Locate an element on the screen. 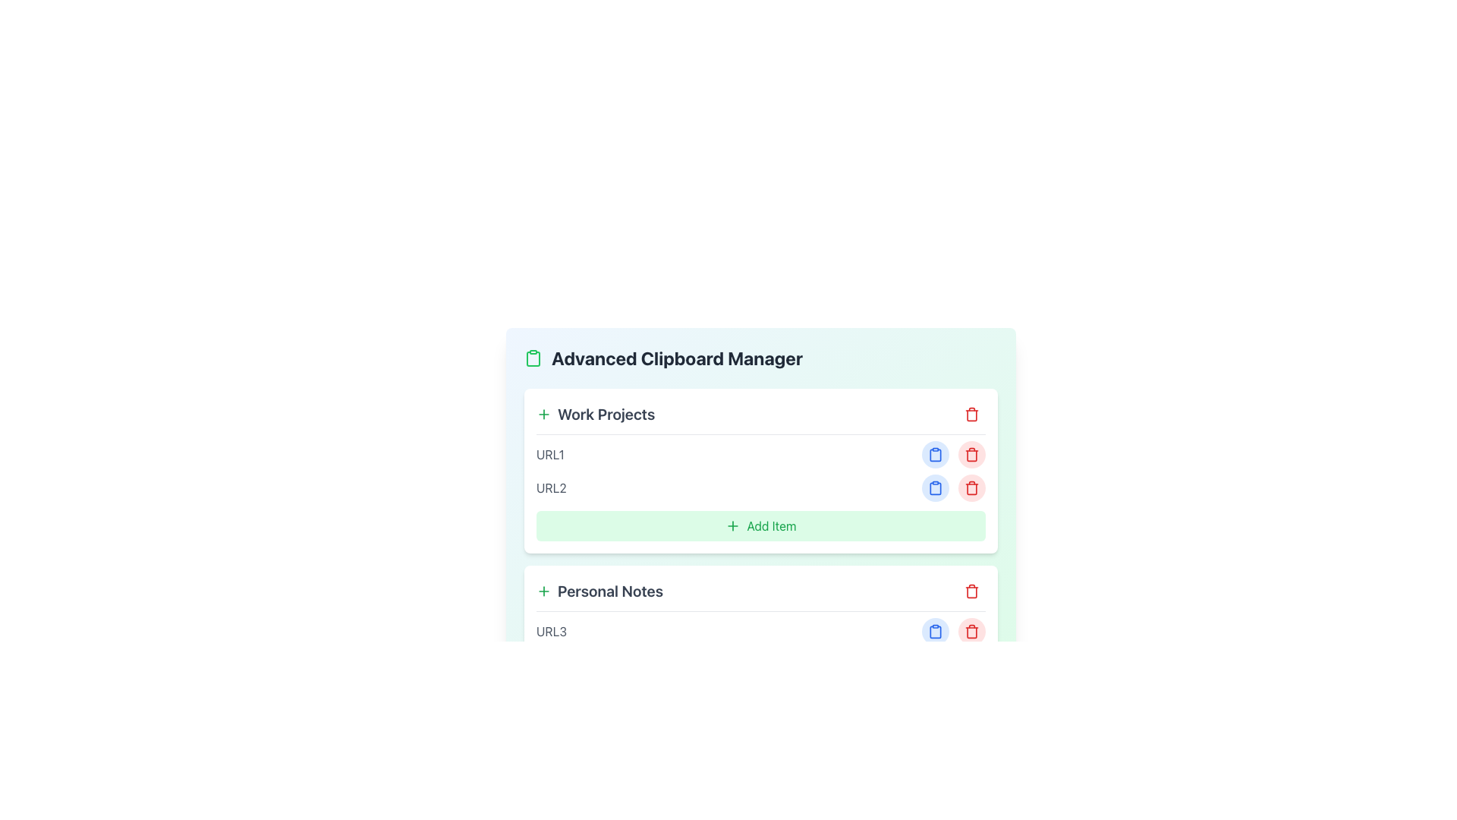 The height and width of the screenshot is (820, 1457). the first button in the horizontal group of action buttons to copy the associated URL or data item located in the 'Work Projects' section is located at coordinates (935, 453).